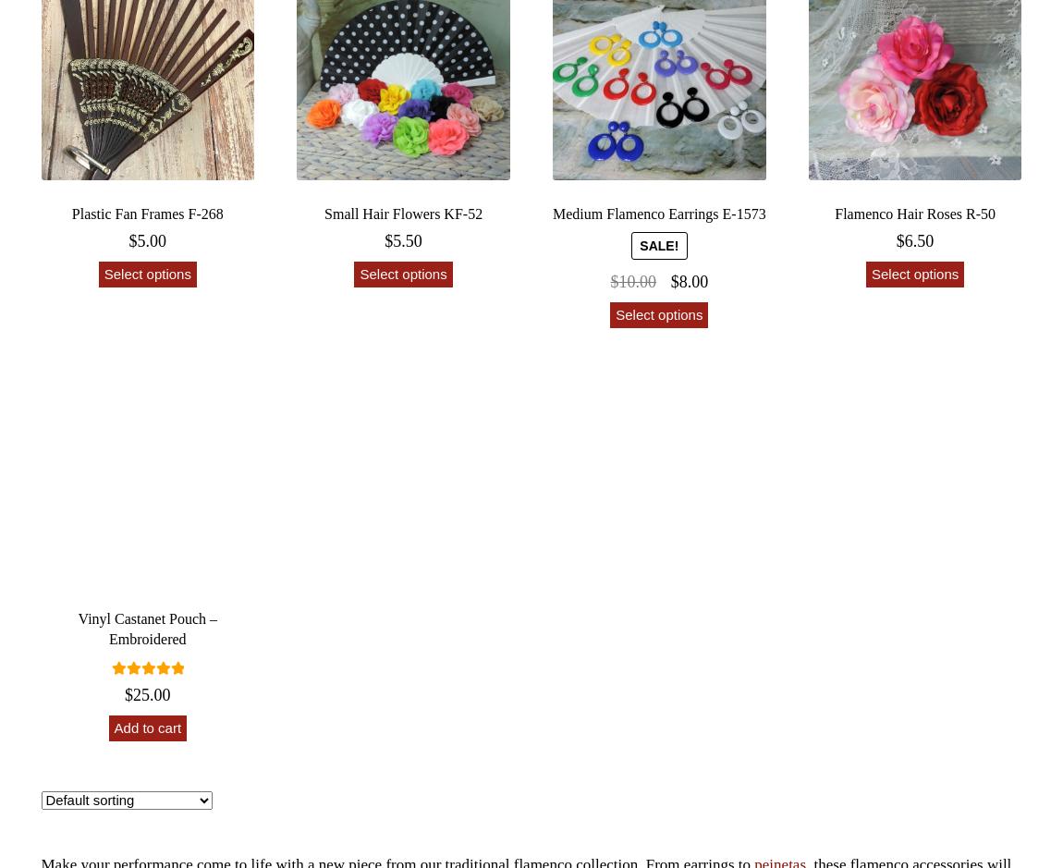 Image resolution: width=1063 pixels, height=868 pixels. What do you see at coordinates (903, 240) in the screenshot?
I see `'6.50'` at bounding box center [903, 240].